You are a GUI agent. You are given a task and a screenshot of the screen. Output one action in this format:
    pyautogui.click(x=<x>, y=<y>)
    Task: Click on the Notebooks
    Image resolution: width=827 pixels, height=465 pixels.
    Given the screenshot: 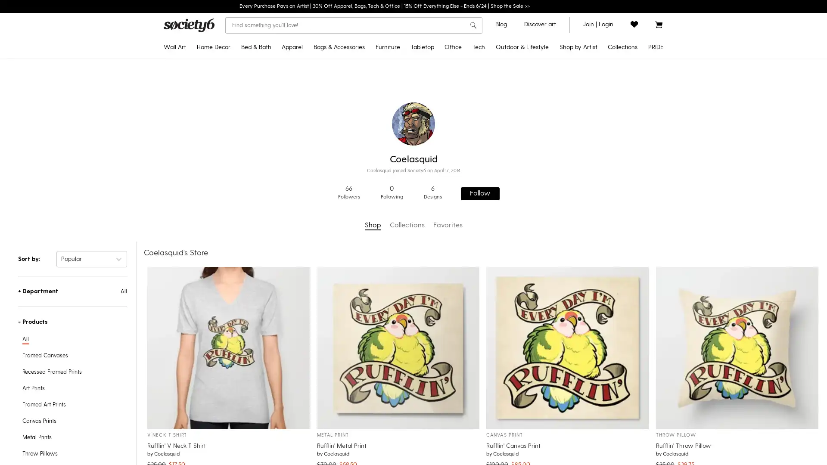 What is the action you would take?
    pyautogui.click(x=474, y=97)
    